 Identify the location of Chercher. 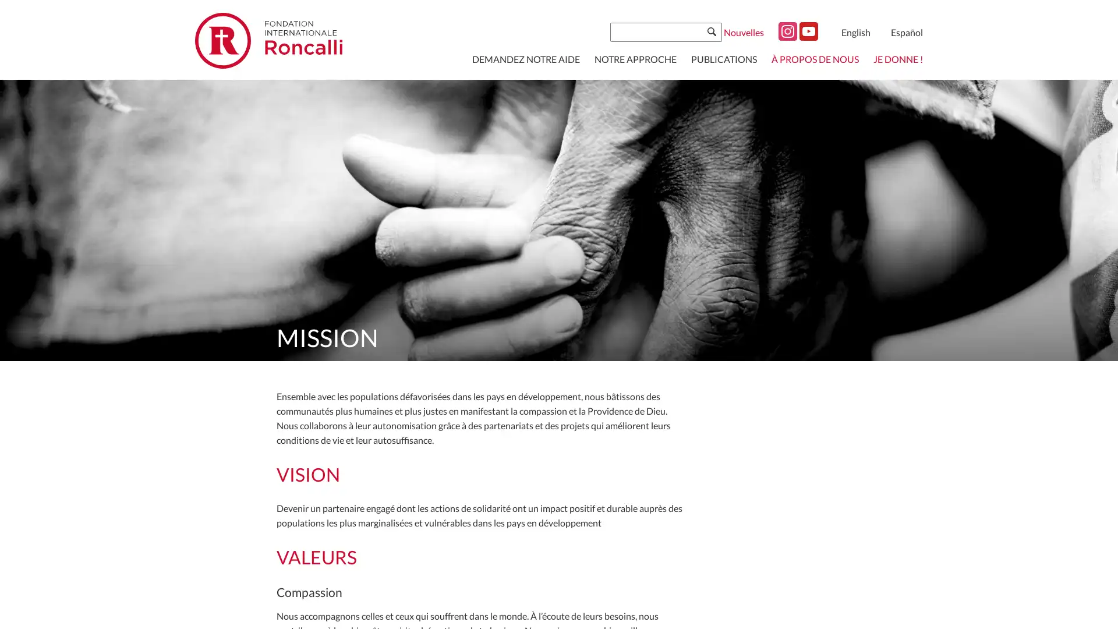
(711, 31).